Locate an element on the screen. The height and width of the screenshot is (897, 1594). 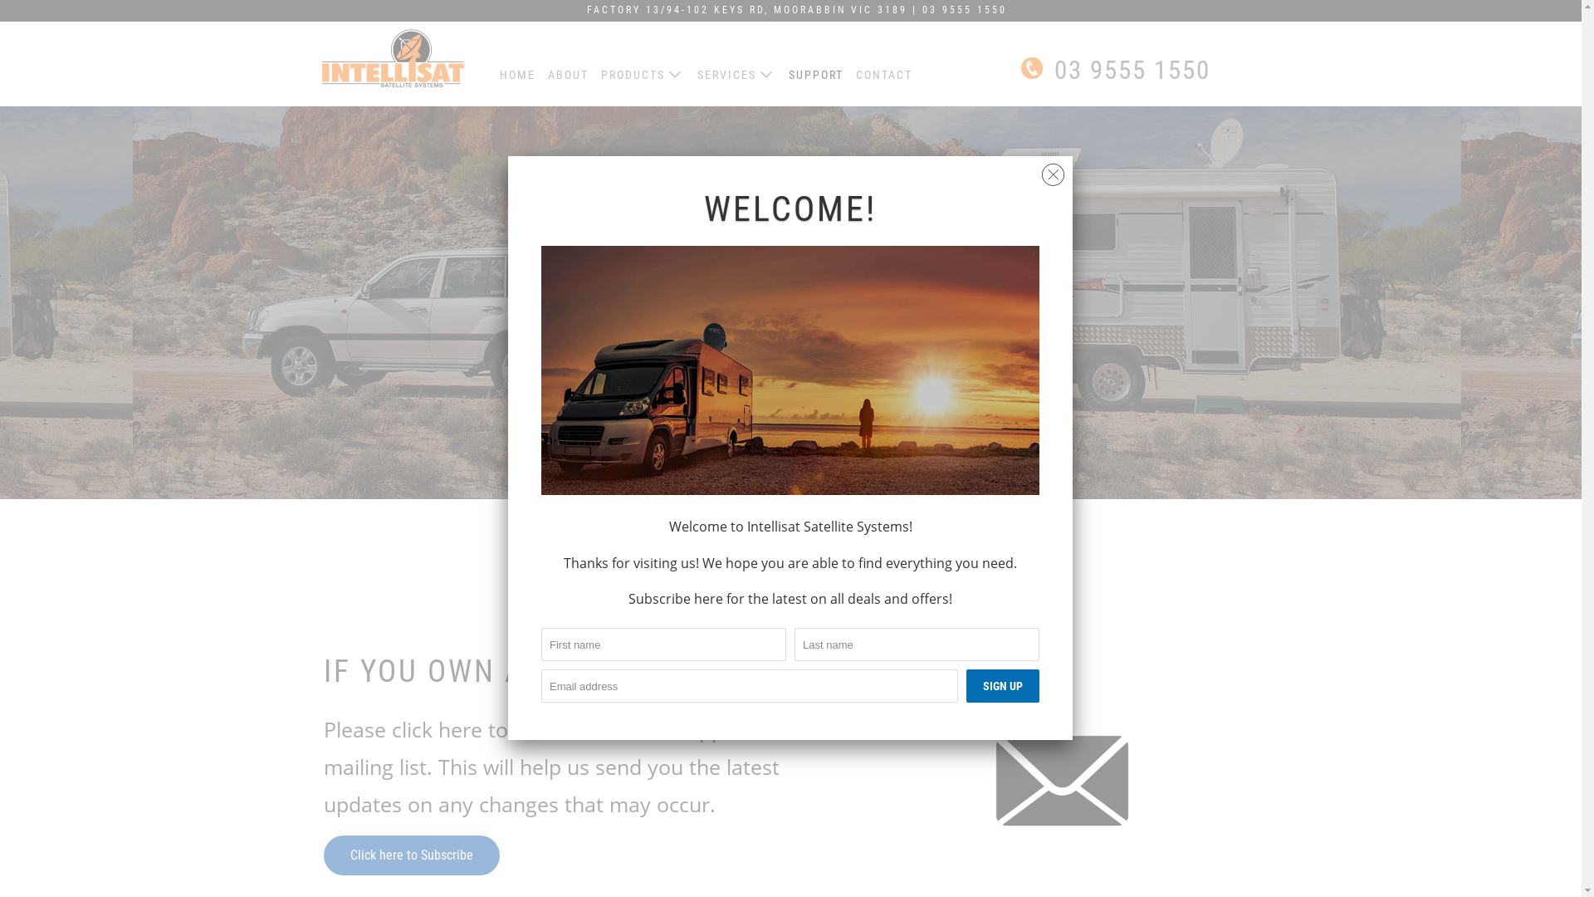
'Sign Up' is located at coordinates (1002, 685).